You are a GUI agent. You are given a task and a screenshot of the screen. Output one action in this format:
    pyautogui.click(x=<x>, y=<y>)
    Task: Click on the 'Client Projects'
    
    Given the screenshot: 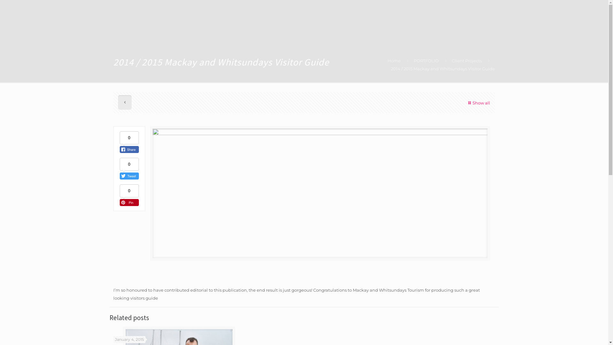 What is the action you would take?
    pyautogui.click(x=467, y=60)
    